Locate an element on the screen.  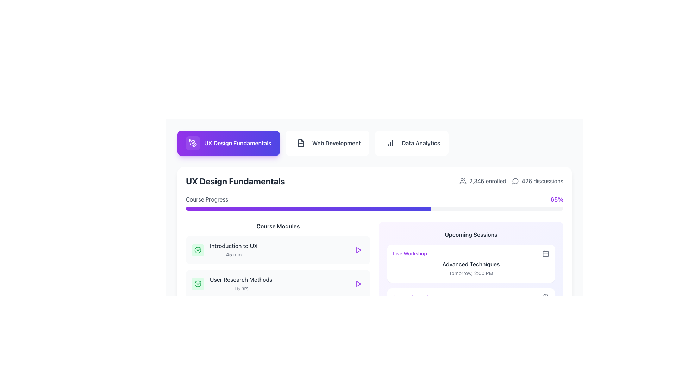
the Play Button located in the second row of the 'Course Modules' section is located at coordinates (358, 351).